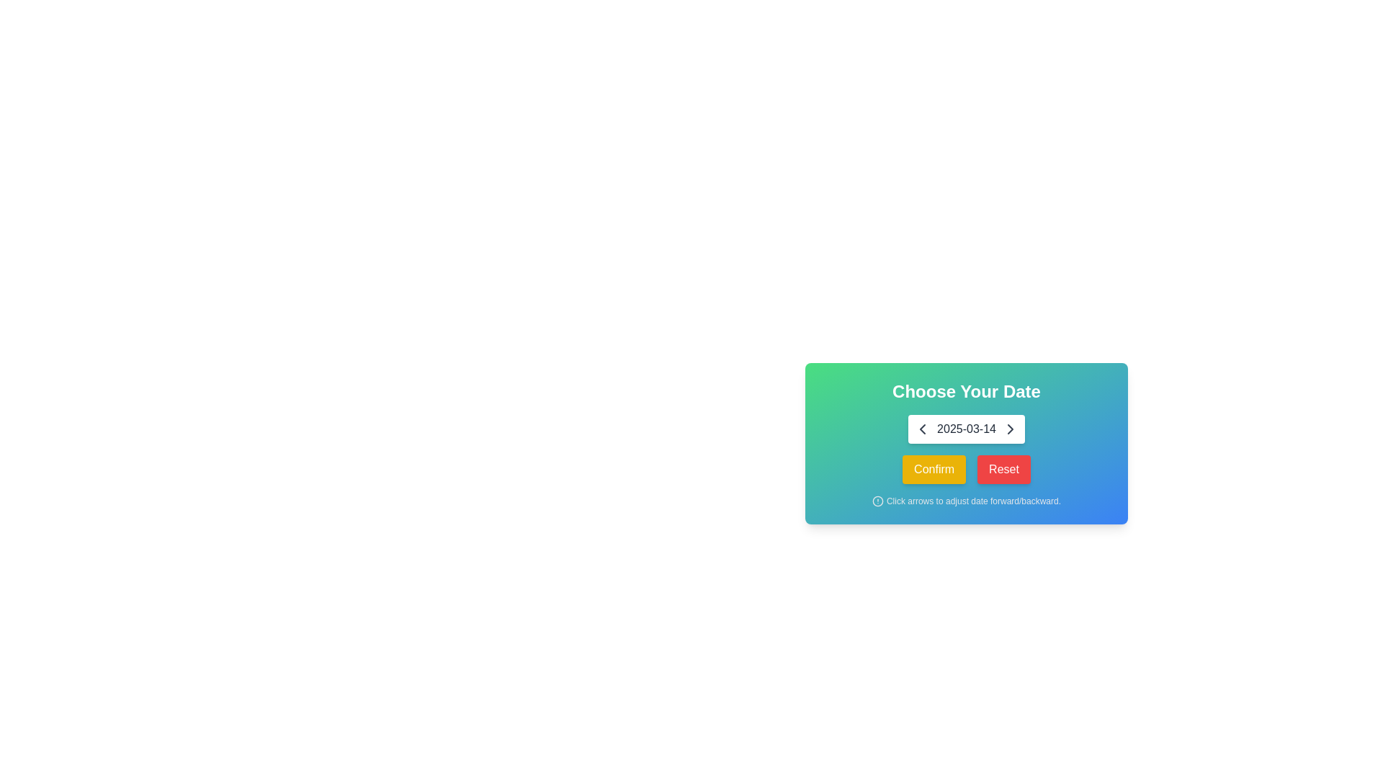 The width and height of the screenshot is (1383, 778). Describe the element at coordinates (934, 469) in the screenshot. I see `the confirm button located in the bottom-right area of the 'Choose Your Date' dialog to finalize the date selection` at that location.